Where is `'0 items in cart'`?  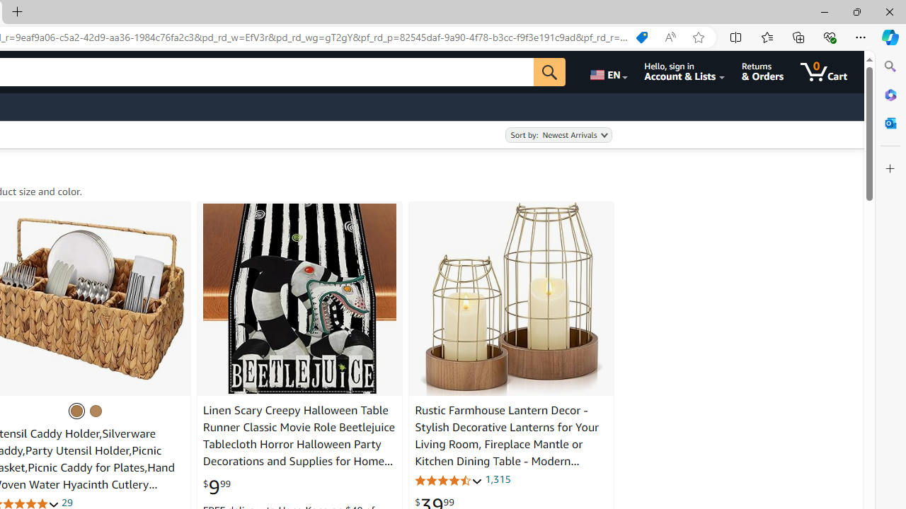 '0 items in cart' is located at coordinates (824, 71).